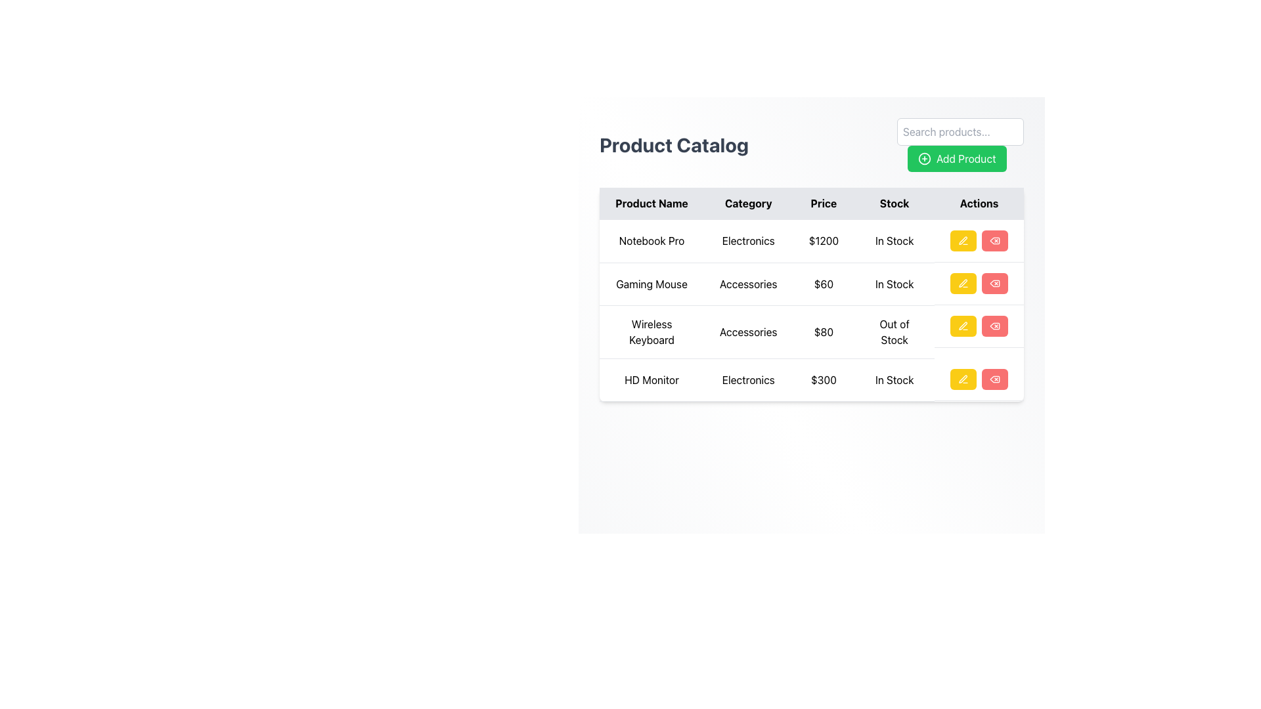  What do you see at coordinates (811, 283) in the screenshot?
I see `the table row displaying the product 'Gaming Mouse' which contains details like 'Accessories', '$60', and 'In Stock'. This row is the second in the table layout` at bounding box center [811, 283].